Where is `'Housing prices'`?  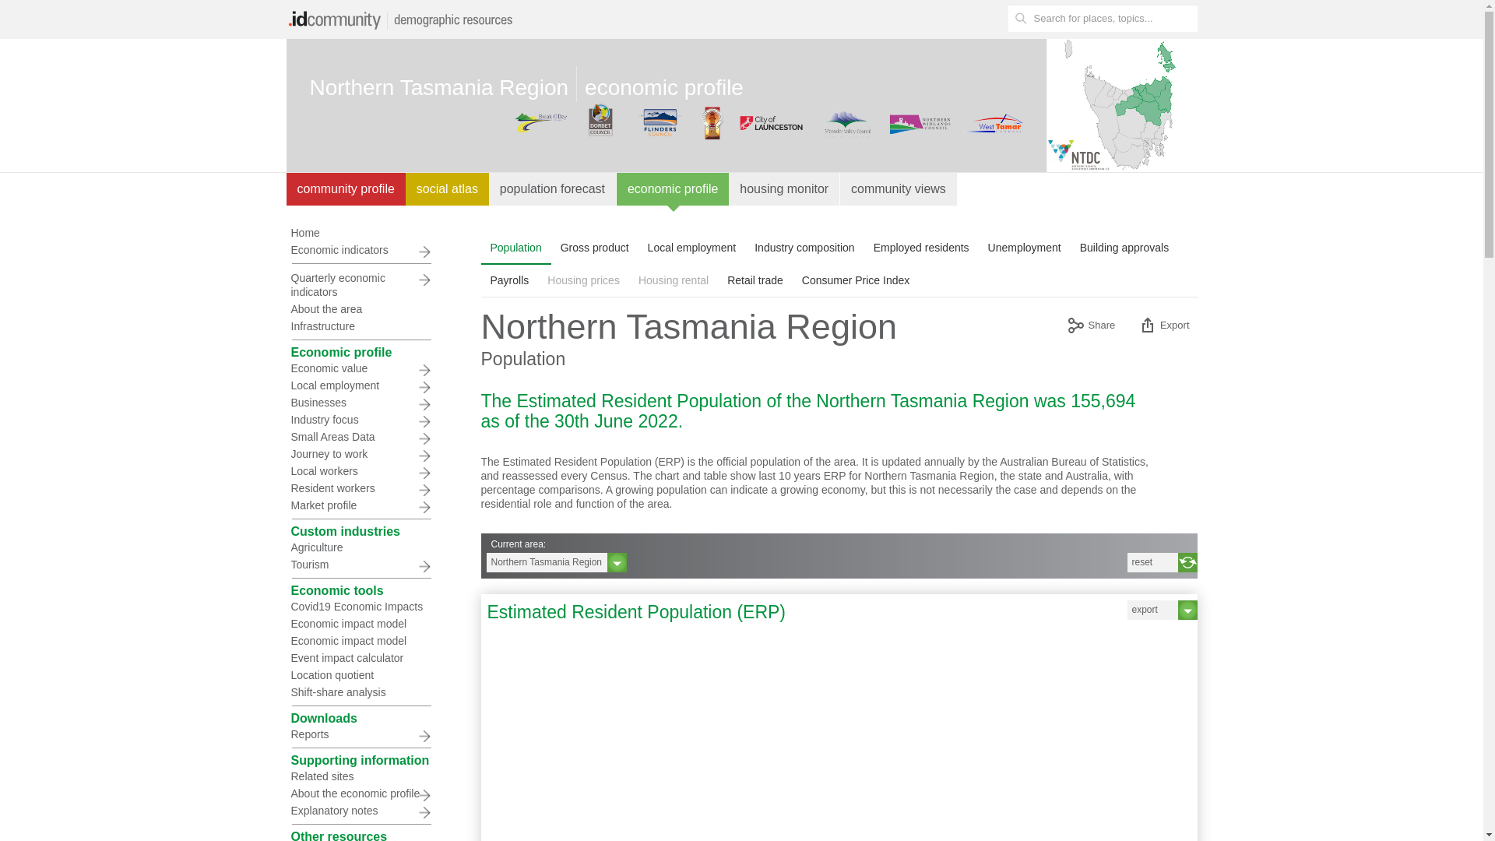 'Housing prices' is located at coordinates (538, 279).